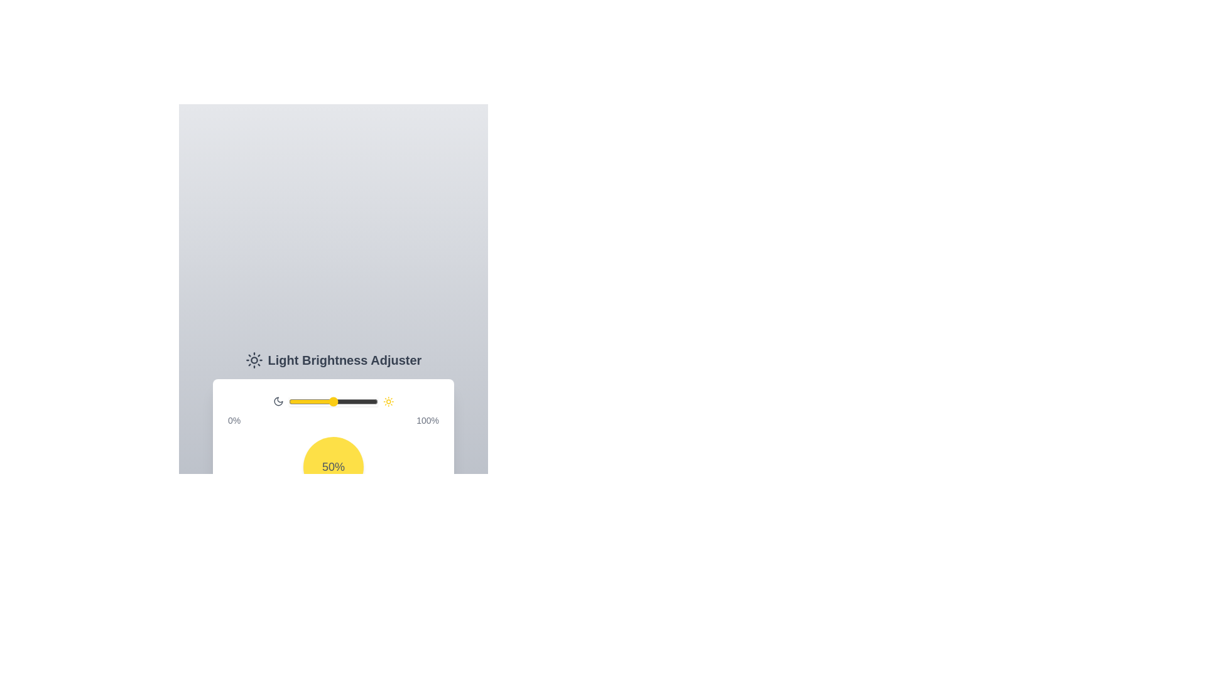 The image size is (1206, 678). What do you see at coordinates (353, 402) in the screenshot?
I see `the brightness to 73%` at bounding box center [353, 402].